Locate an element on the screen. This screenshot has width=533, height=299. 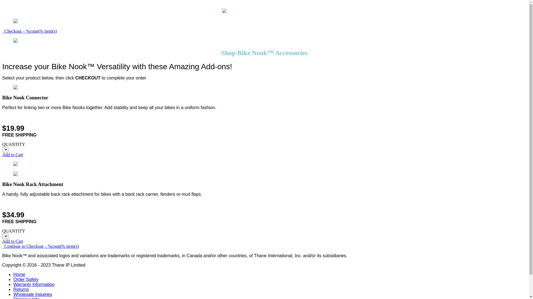
'Order Safety' is located at coordinates (13, 279).